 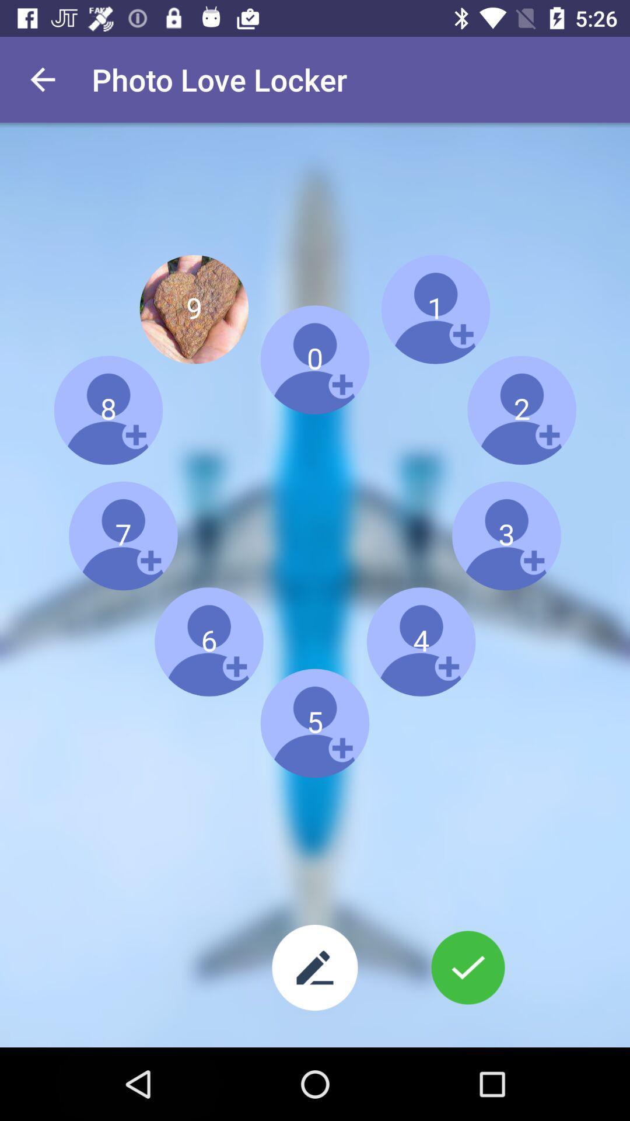 What do you see at coordinates (467, 967) in the screenshot?
I see `photo` at bounding box center [467, 967].